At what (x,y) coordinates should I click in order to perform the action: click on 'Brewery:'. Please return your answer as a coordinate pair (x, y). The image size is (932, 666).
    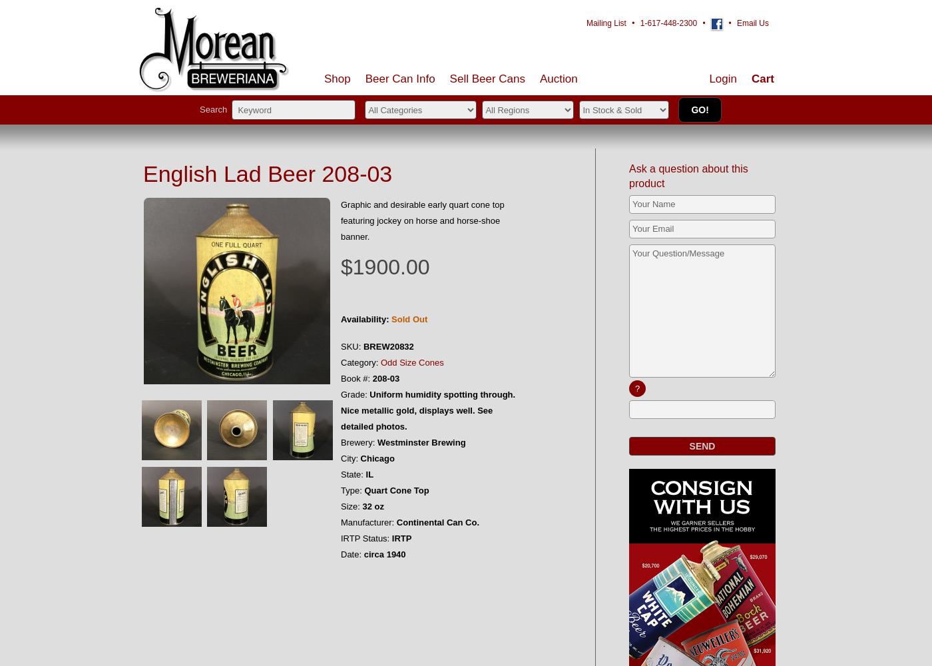
    Looking at the image, I should click on (340, 442).